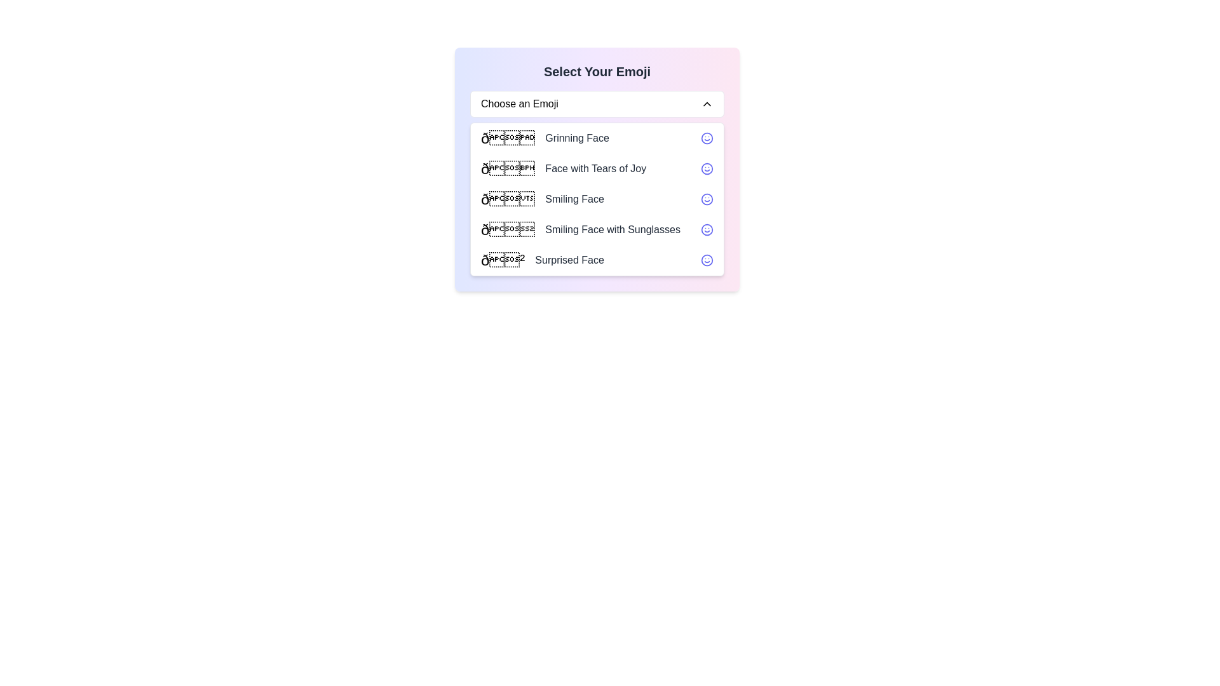 This screenshot has width=1220, height=686. What do you see at coordinates (707, 230) in the screenshot?
I see `the SVG Circle that represents the center of the 'smiling face with sunglasses' emoji in the dropdown menu` at bounding box center [707, 230].